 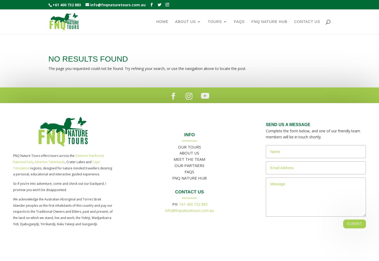 What do you see at coordinates (299, 52) in the screenshot?
I see `'Daintree Afternoon and Nocturnal Tour'` at bounding box center [299, 52].